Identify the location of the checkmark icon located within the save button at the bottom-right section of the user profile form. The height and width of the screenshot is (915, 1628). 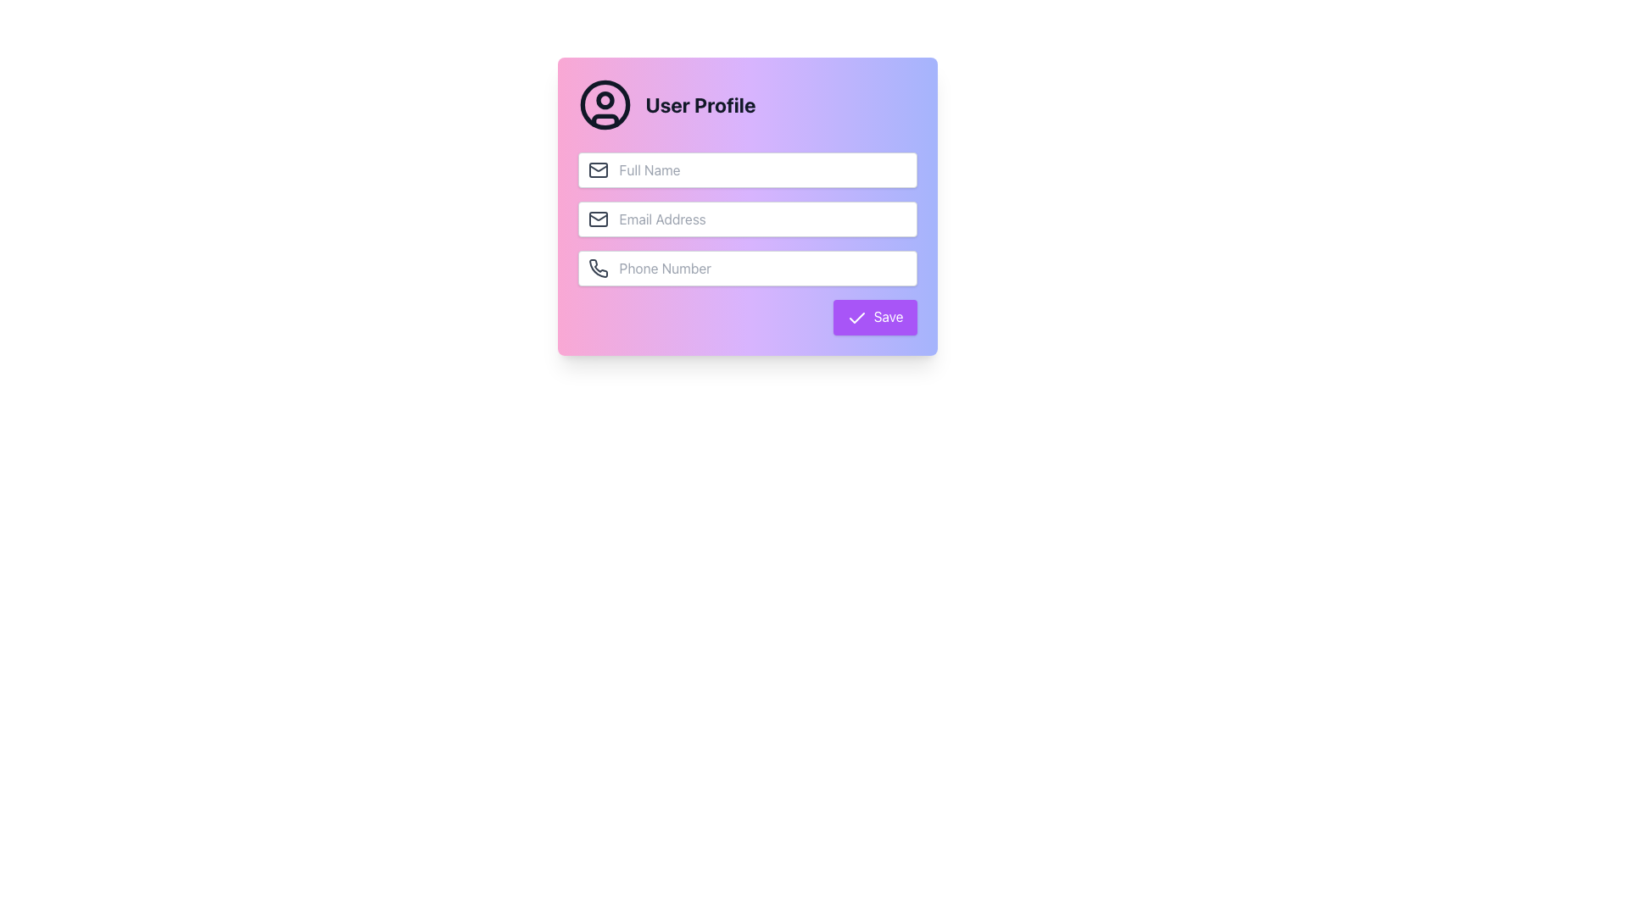
(856, 318).